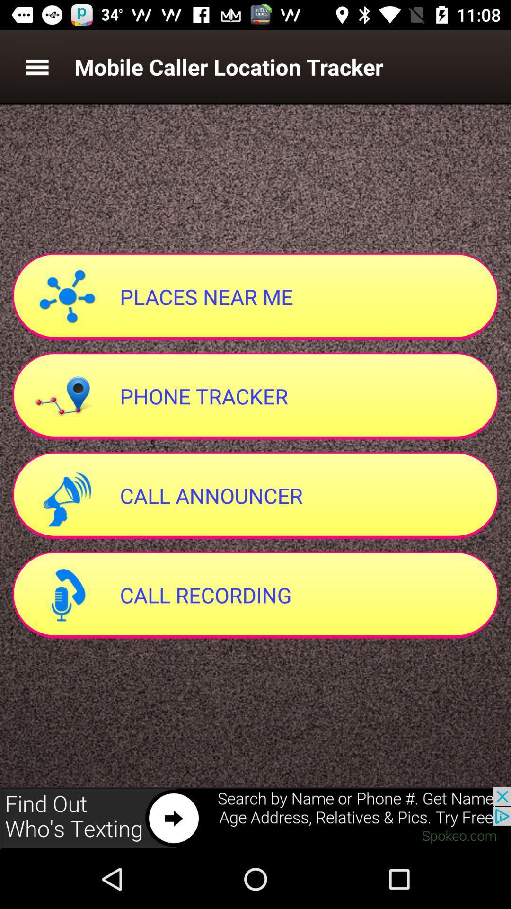 The height and width of the screenshot is (909, 511). I want to click on the menu icon, so click(36, 66).